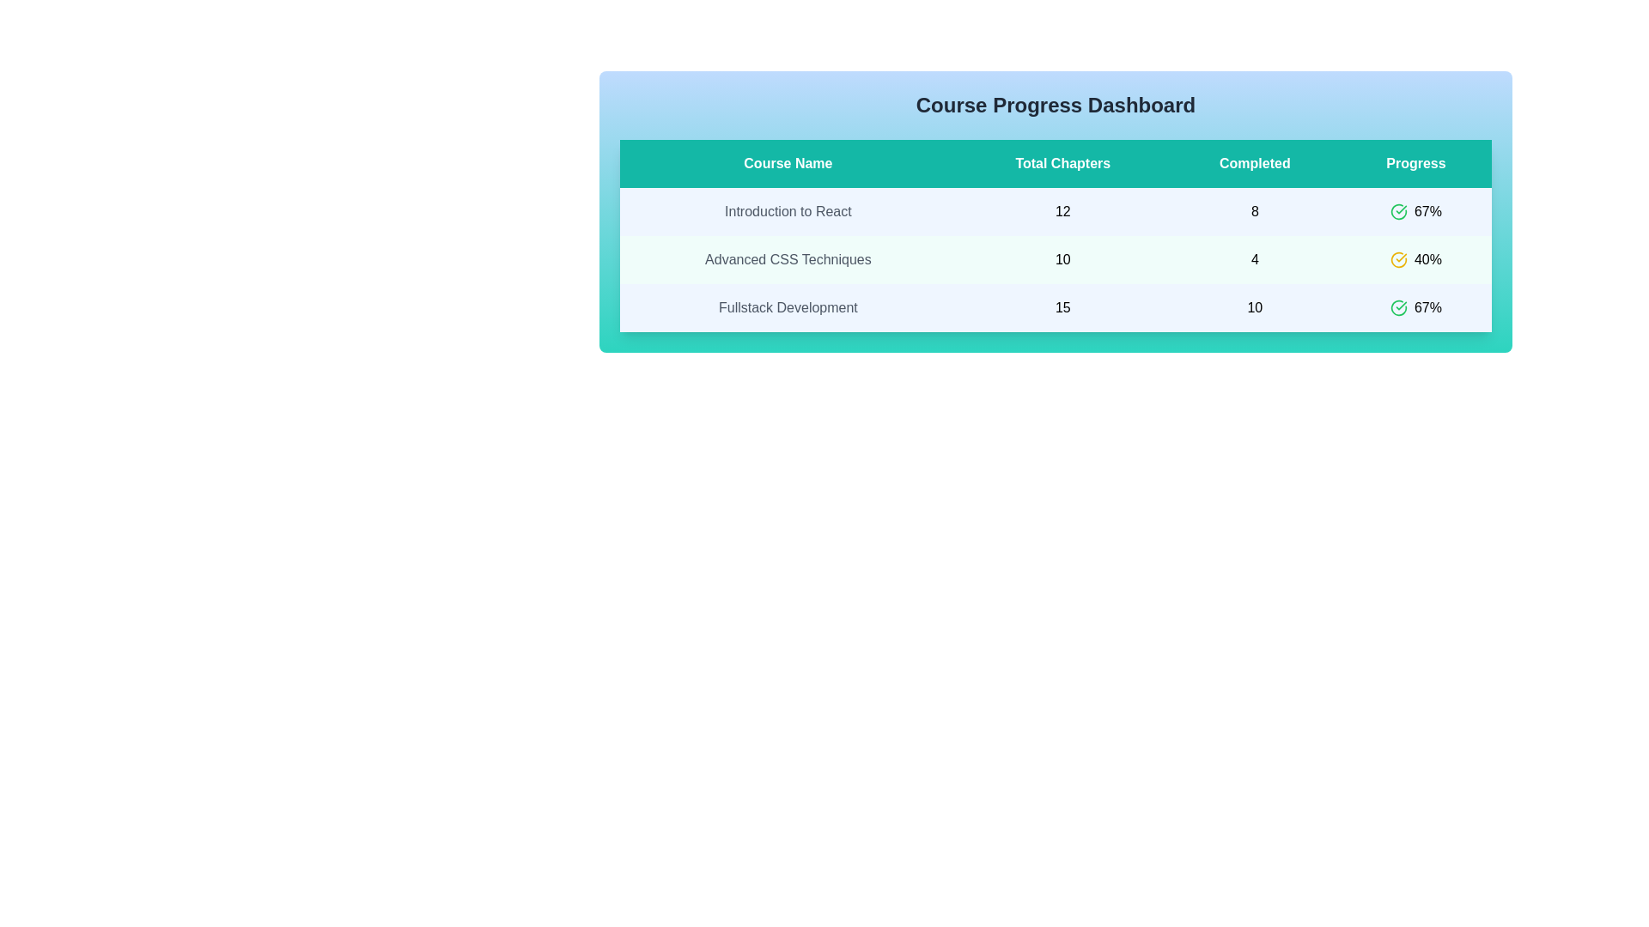 The width and height of the screenshot is (1649, 927). Describe the element at coordinates (1398, 306) in the screenshot. I see `the progress icon for the course 'Fullstack Development'` at that location.